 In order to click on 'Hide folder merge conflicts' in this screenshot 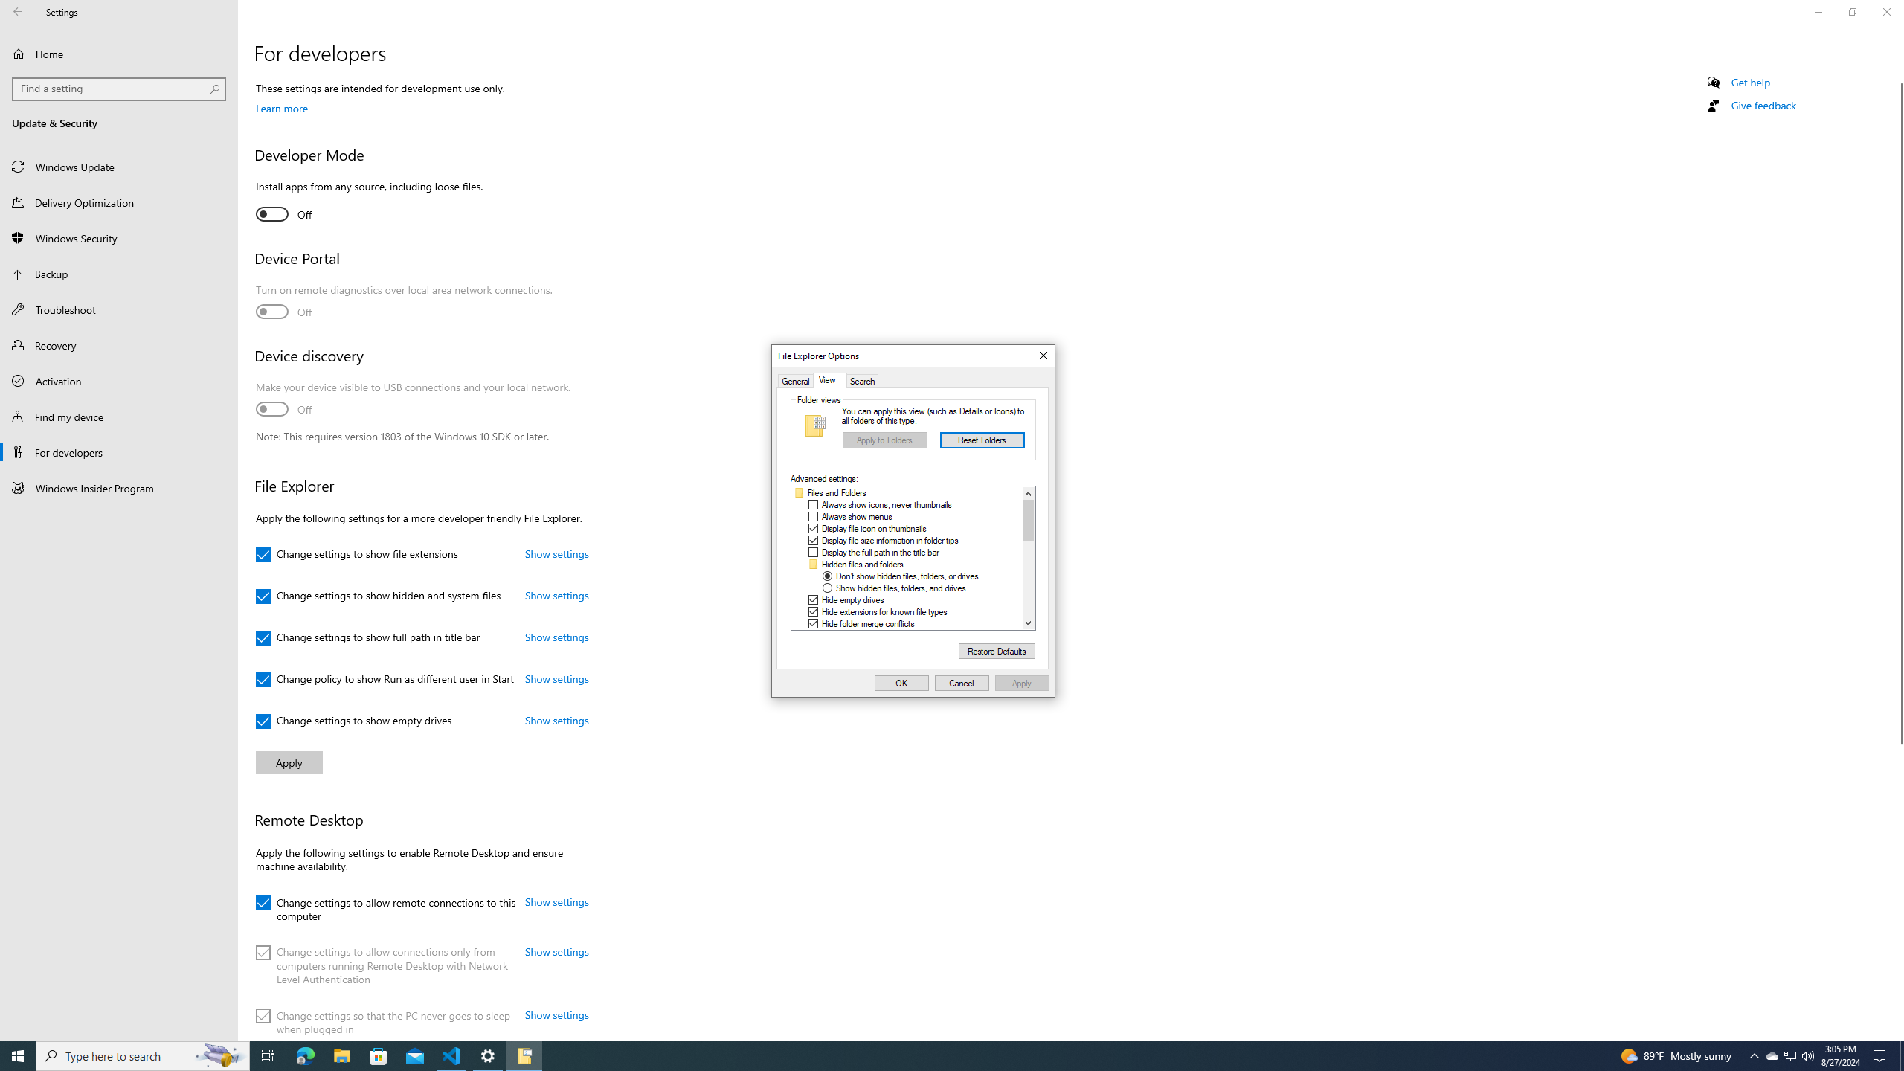, I will do `click(867, 623)`.